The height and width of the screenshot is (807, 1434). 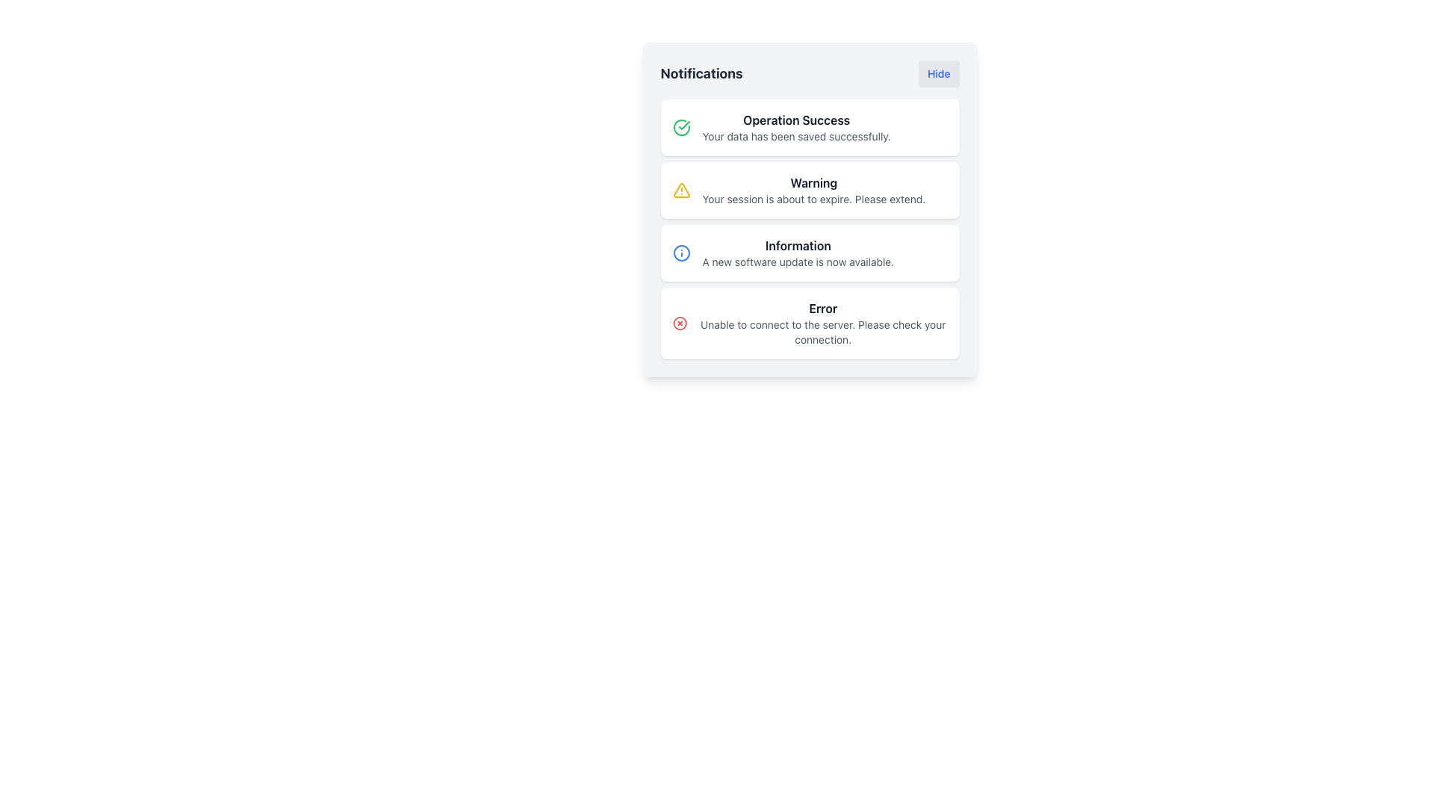 What do you see at coordinates (809, 210) in the screenshot?
I see `elements within the 'Warning' notification card, which contains a yellow triangular warning icon and a bold title stating 'Warning'` at bounding box center [809, 210].